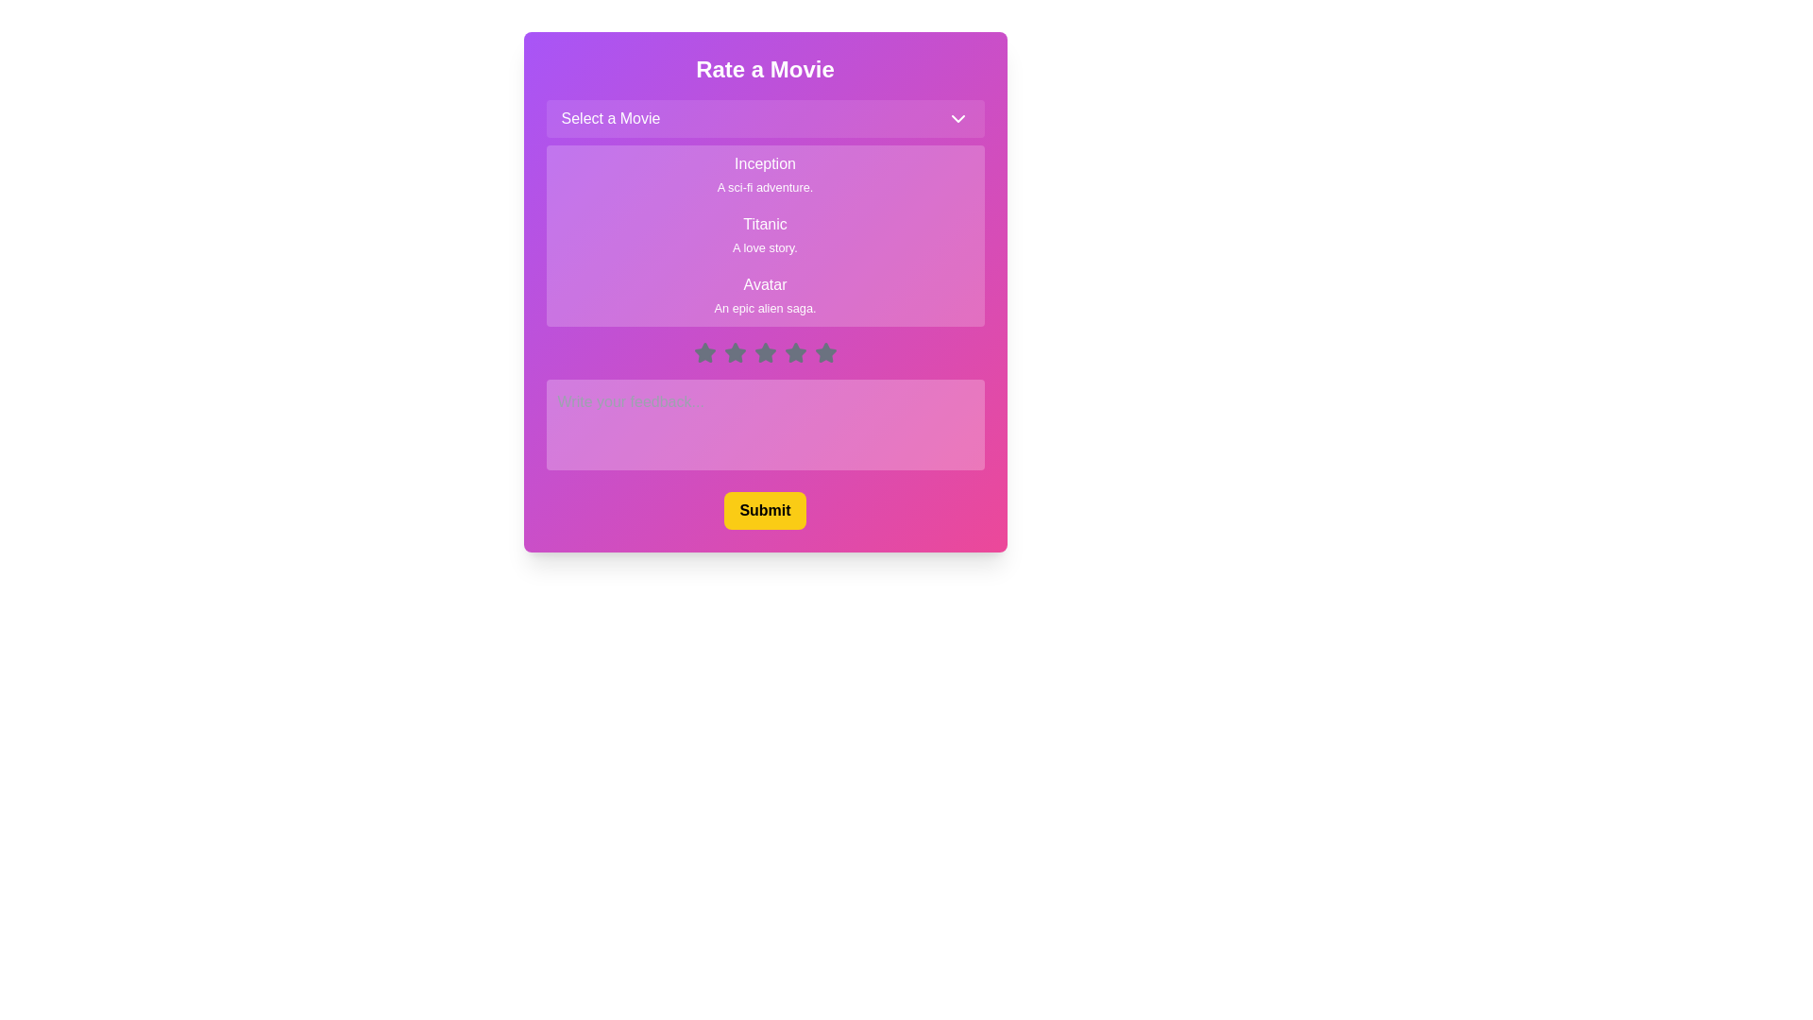 The image size is (1813, 1020). Describe the element at coordinates (765, 175) in the screenshot. I see `the first list item displaying information about the movie 'Inception' under the 'Rate a Movie' section, located directly below the 'Select a Movie' dropdown menu` at that location.